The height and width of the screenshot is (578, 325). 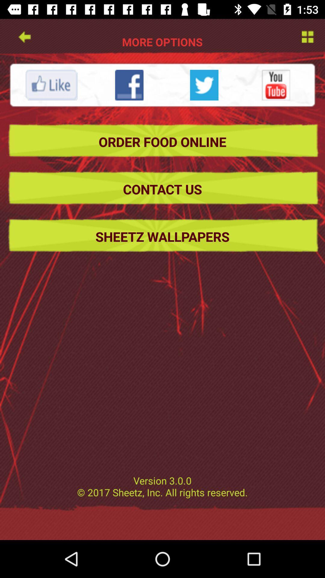 I want to click on options, so click(x=307, y=36).